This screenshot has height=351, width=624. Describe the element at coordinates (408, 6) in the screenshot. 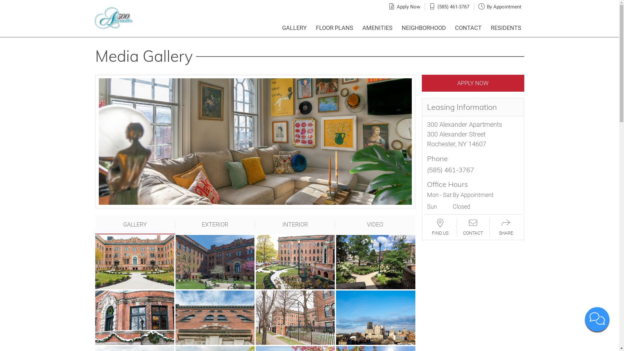

I see `'Apply Now'` at that location.